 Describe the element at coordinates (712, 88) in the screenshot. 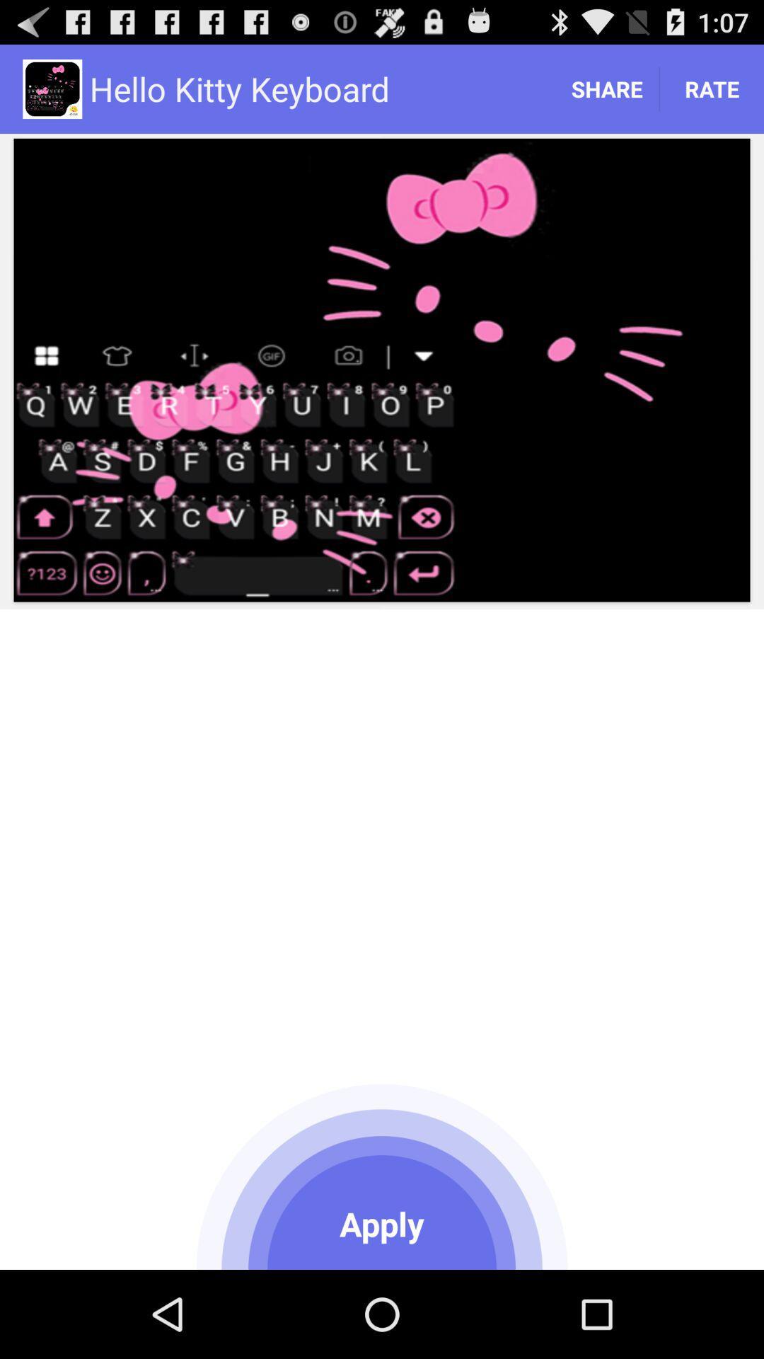

I see `icon to the right of share item` at that location.